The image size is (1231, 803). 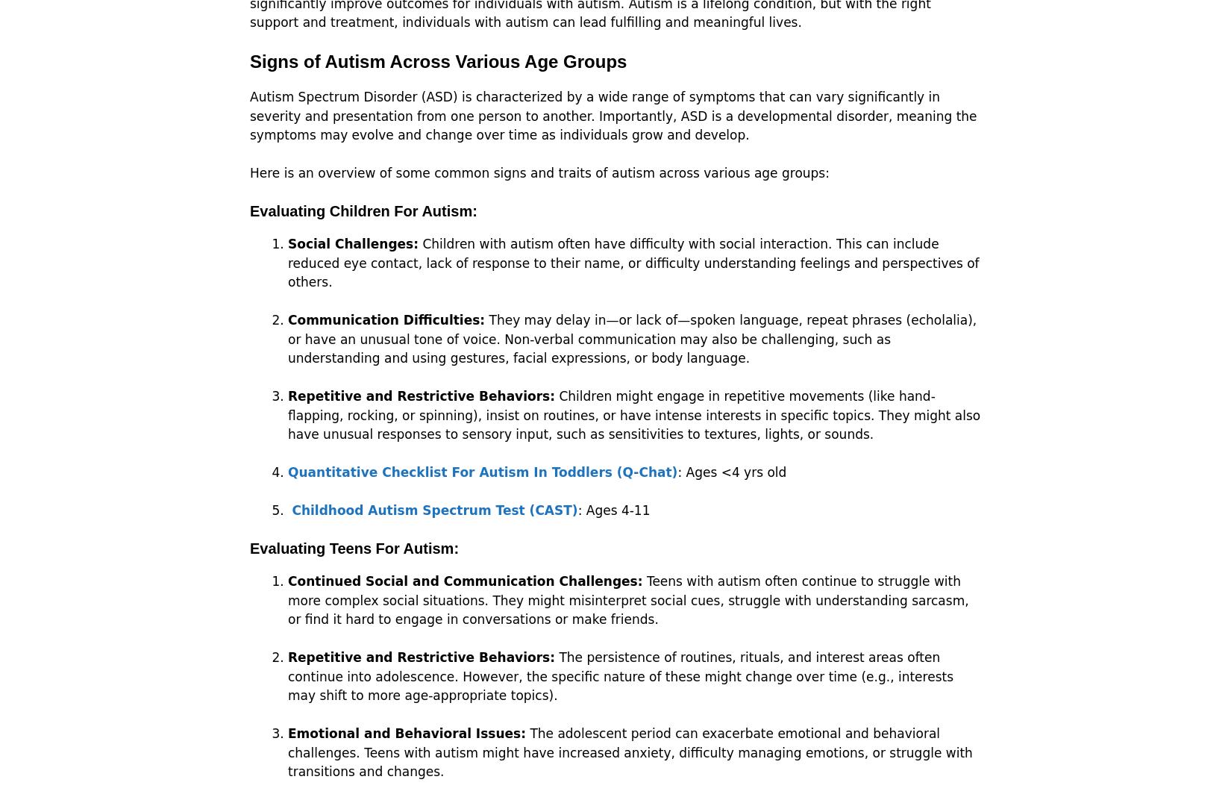 What do you see at coordinates (620, 675) in the screenshot?
I see `'The persistence of routines, rituals, and interest areas often continue into adolescence. However, the specific nature of these might change over time (e.g., interests may shift to more age-appropriate topics).'` at bounding box center [620, 675].